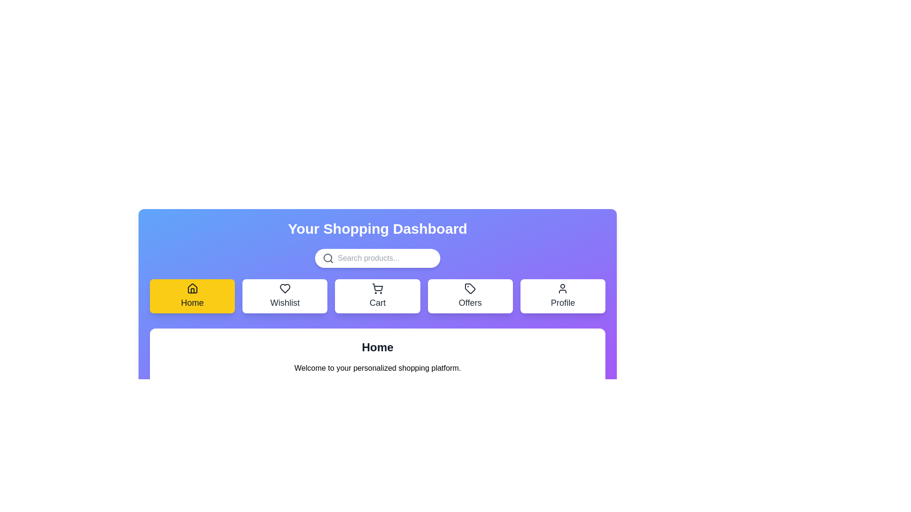 This screenshot has width=911, height=512. I want to click on the button located in the bottom-right corner of the interface that navigates users to their profile section, so click(563, 295).